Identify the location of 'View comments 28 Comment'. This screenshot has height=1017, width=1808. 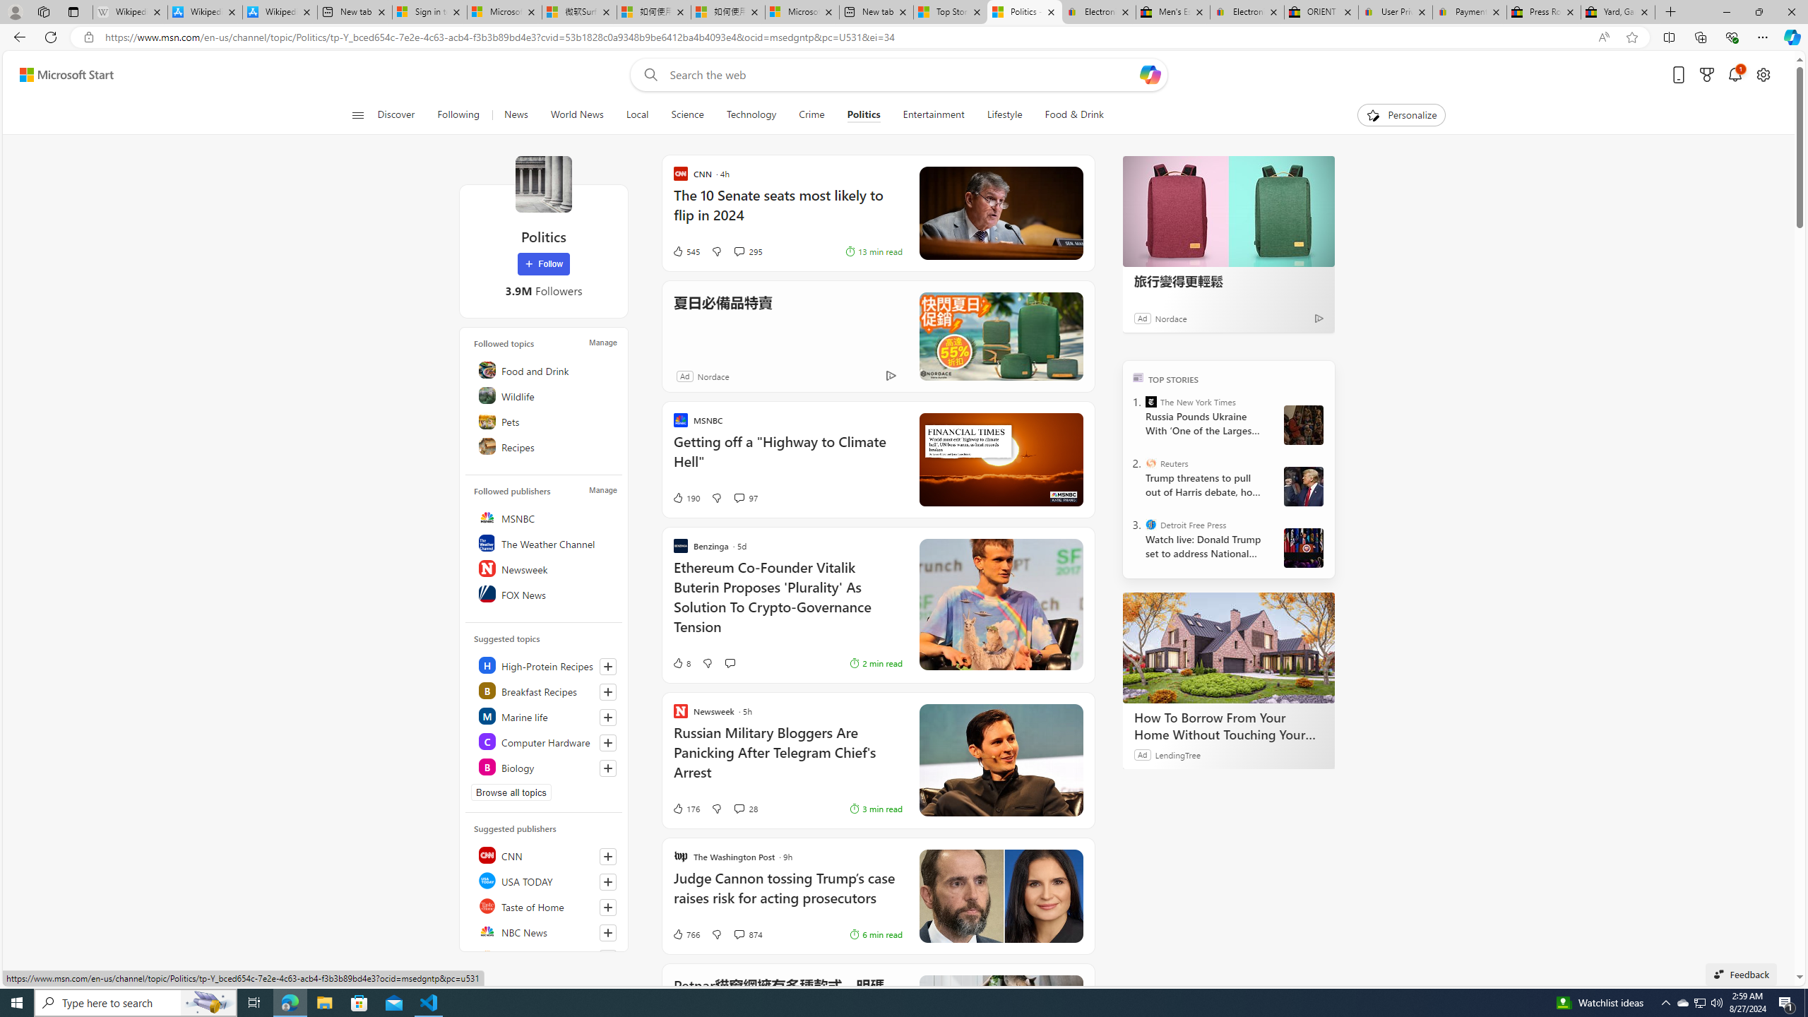
(744, 808).